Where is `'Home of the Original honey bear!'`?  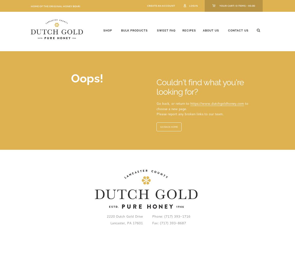 'Home of the Original honey bear!' is located at coordinates (55, 6).